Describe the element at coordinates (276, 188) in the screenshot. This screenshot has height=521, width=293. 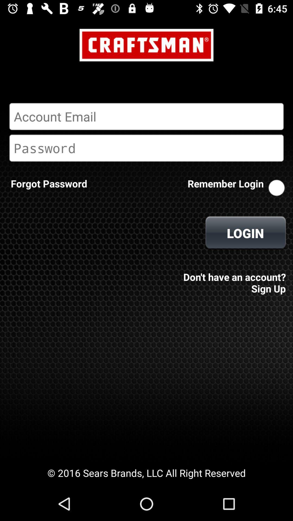
I see `remember login option` at that location.